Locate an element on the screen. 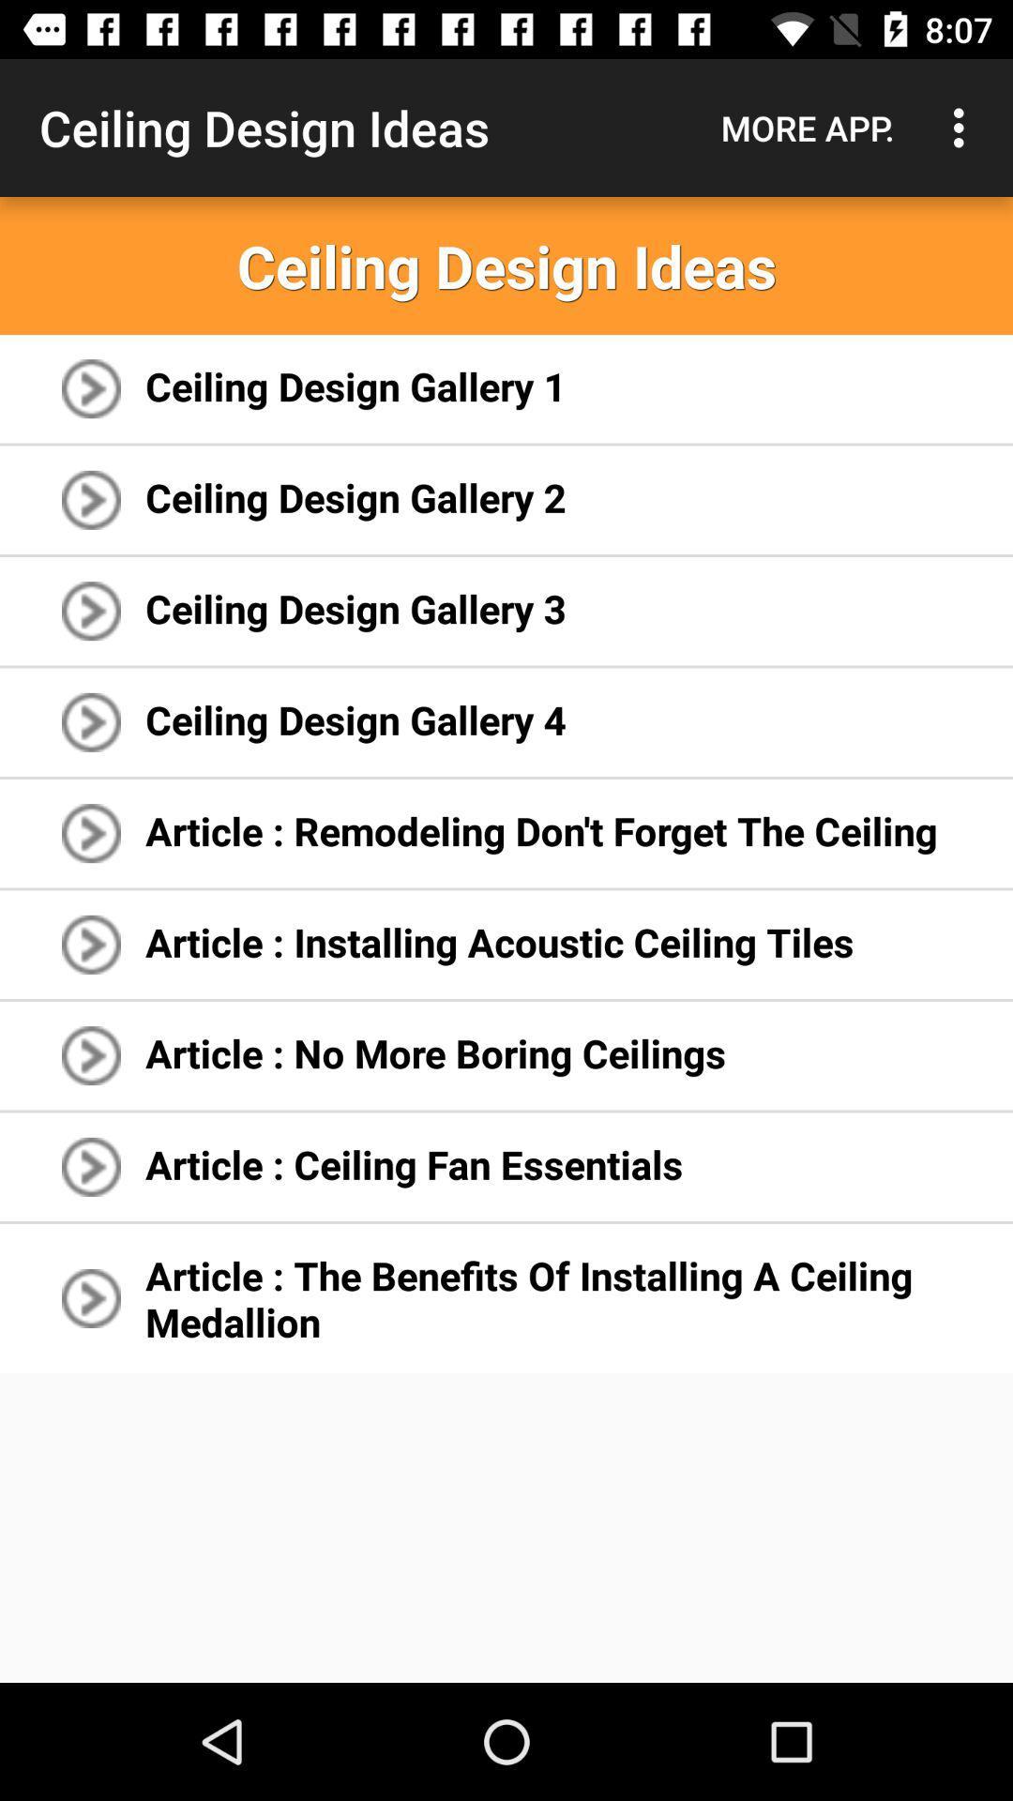 This screenshot has width=1013, height=1801. icon next to ceiling design ideas is located at coordinates (807, 127).